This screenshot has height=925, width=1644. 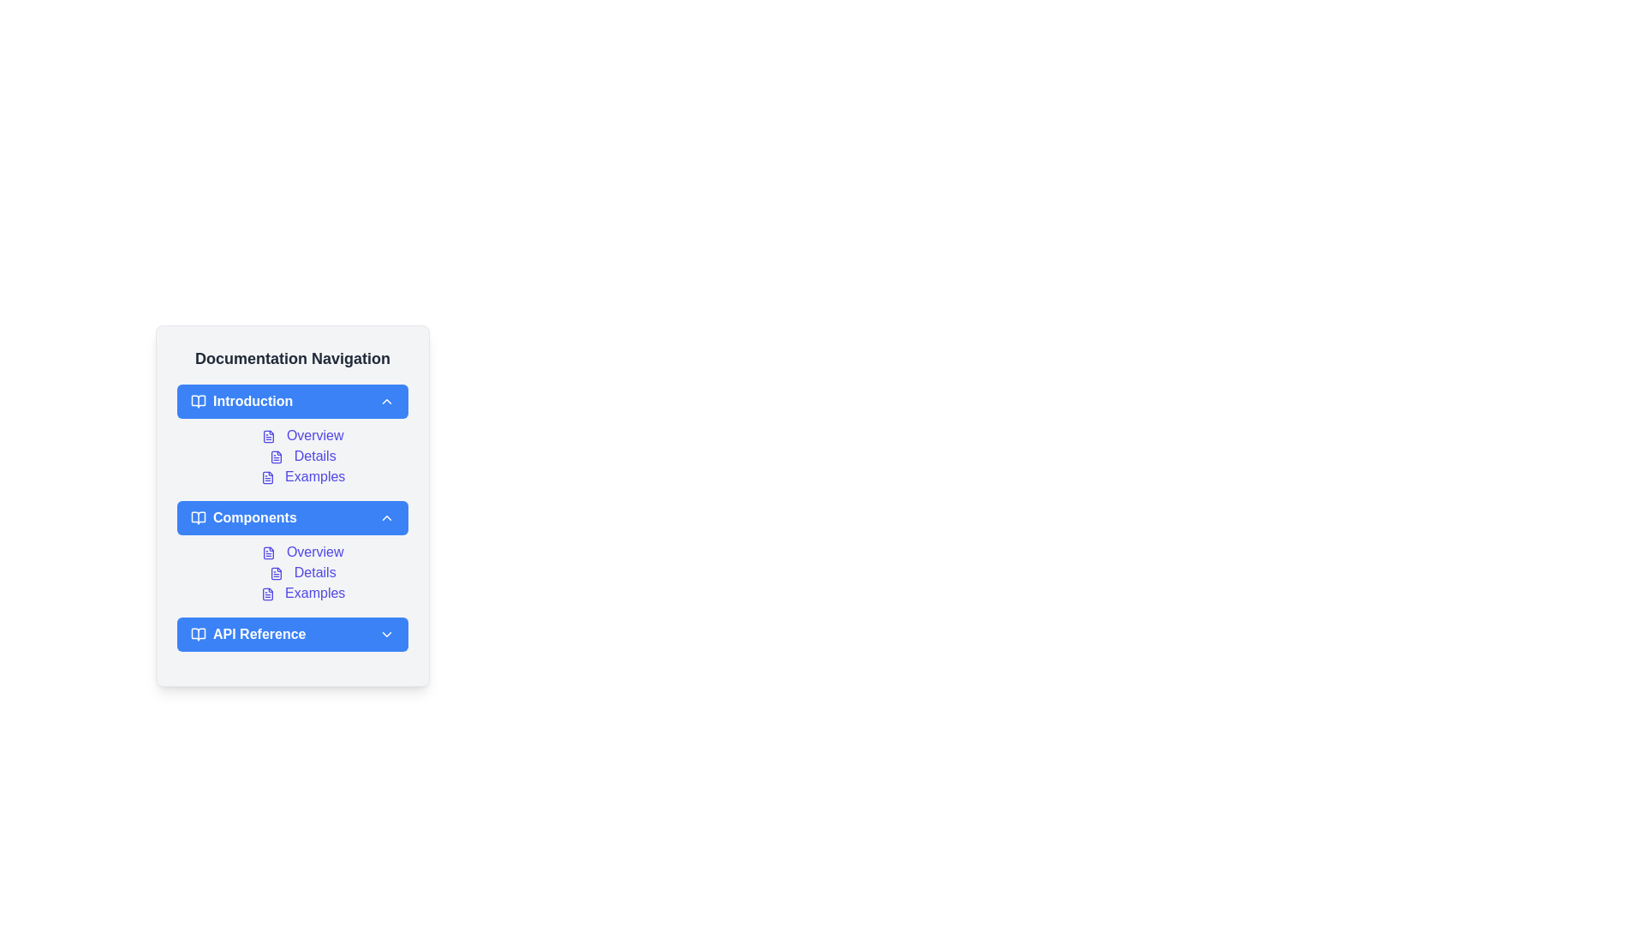 What do you see at coordinates (198, 634) in the screenshot?
I see `the 'API Reference' icon in the navigation menu, located to the left of the section label text` at bounding box center [198, 634].